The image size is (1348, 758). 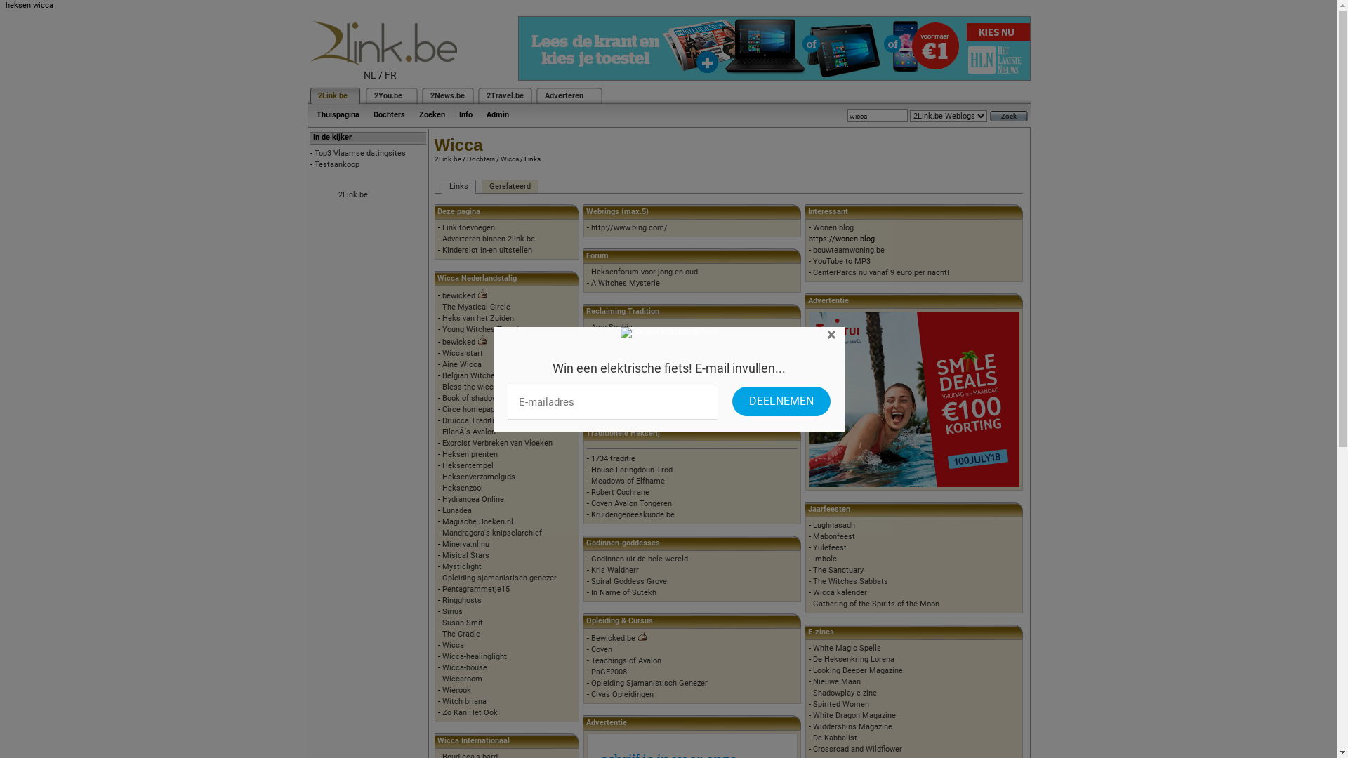 I want to click on 'Bewicked.be', so click(x=613, y=638).